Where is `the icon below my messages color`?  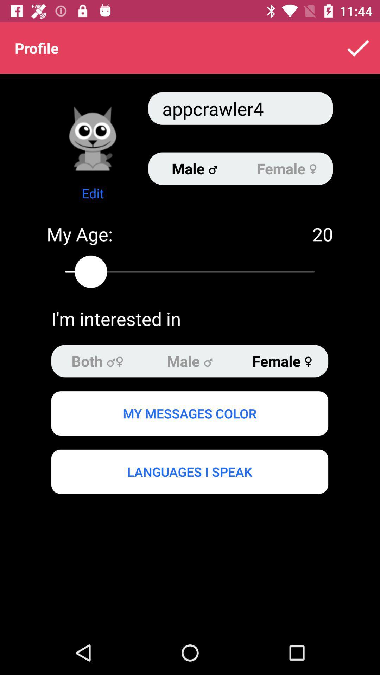 the icon below my messages color is located at coordinates (189, 471).